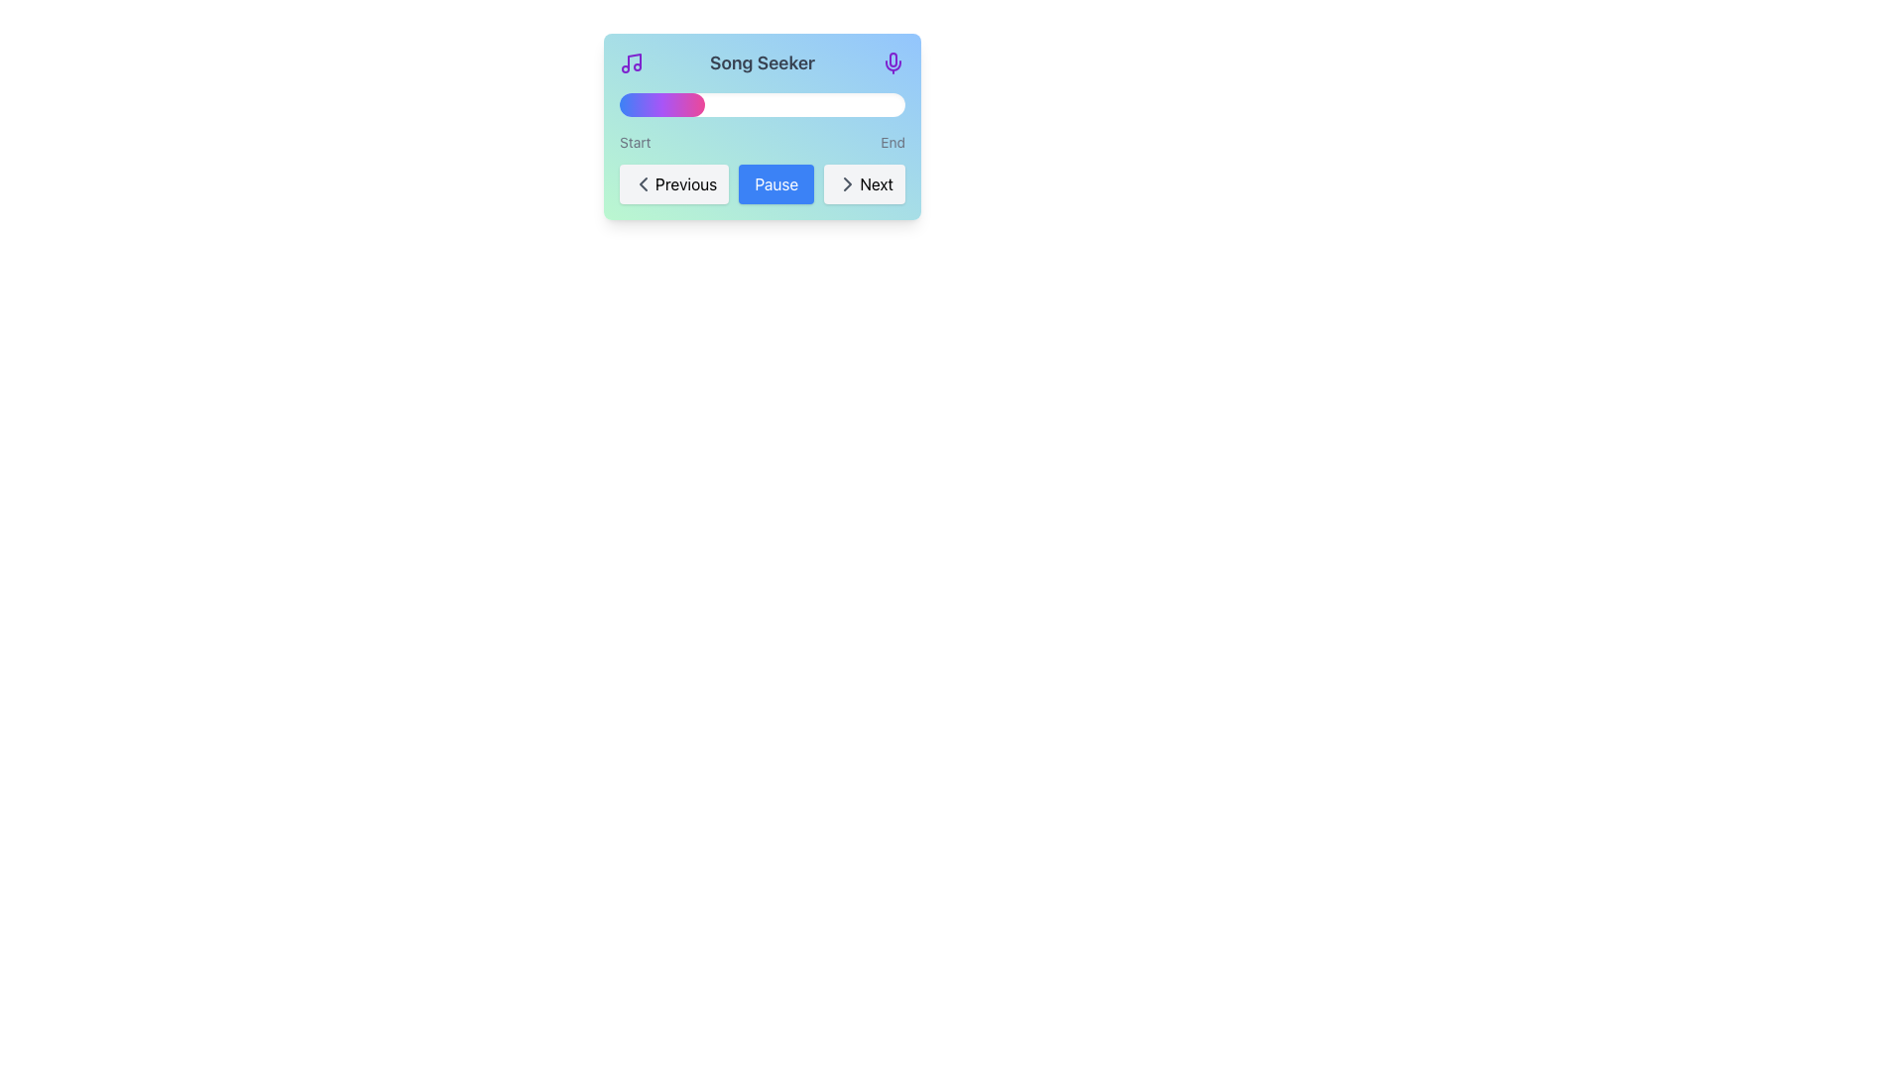 Image resolution: width=1904 pixels, height=1071 pixels. What do you see at coordinates (839, 104) in the screenshot?
I see `the slider value` at bounding box center [839, 104].